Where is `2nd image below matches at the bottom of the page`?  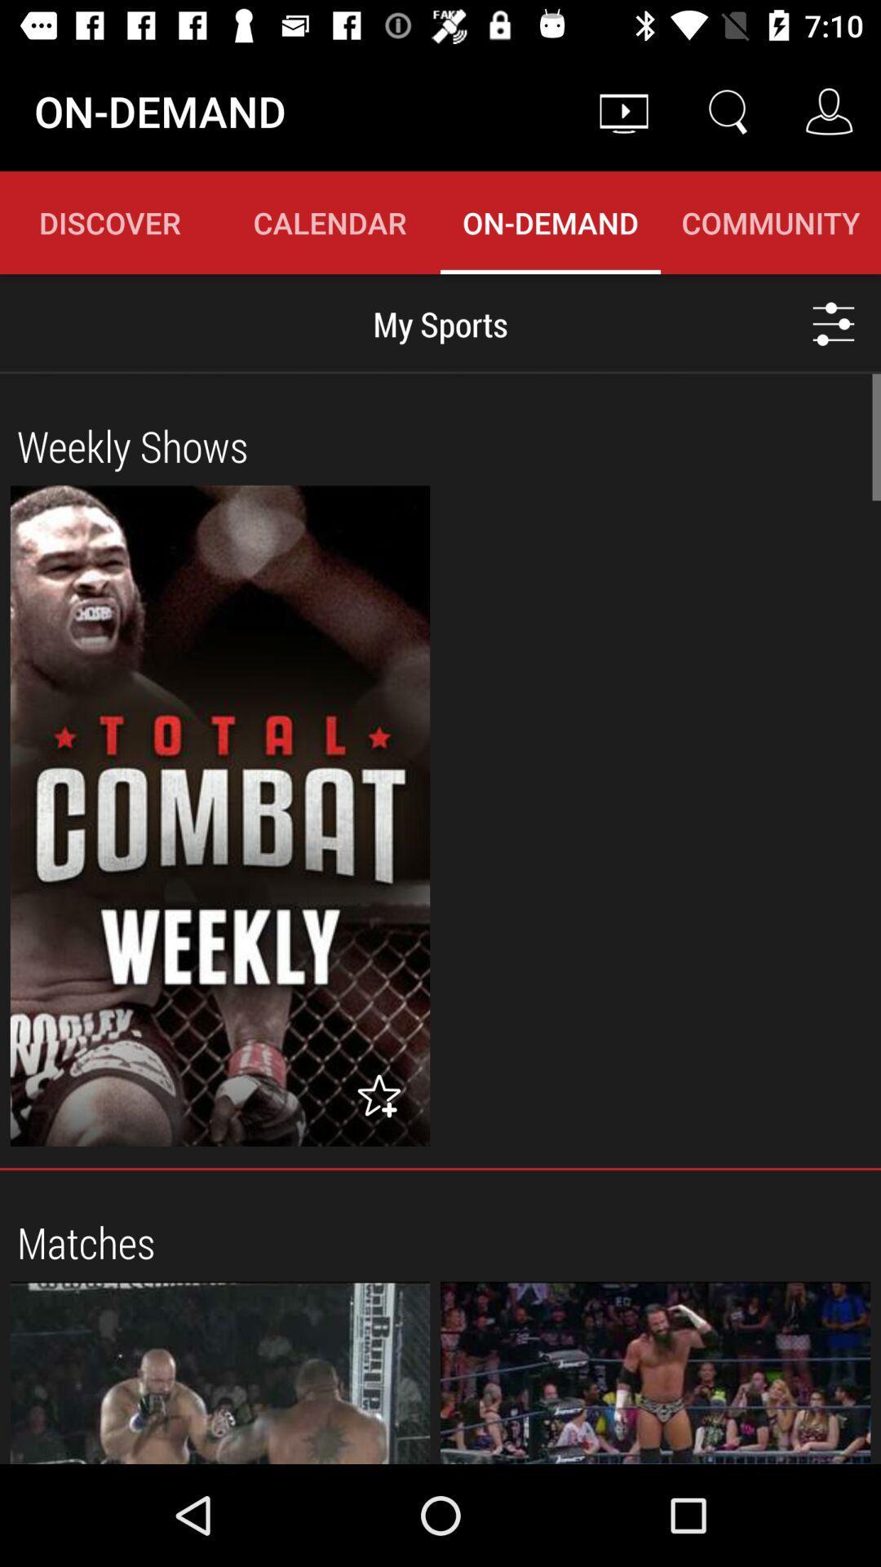
2nd image below matches at the bottom of the page is located at coordinates (654, 1372).